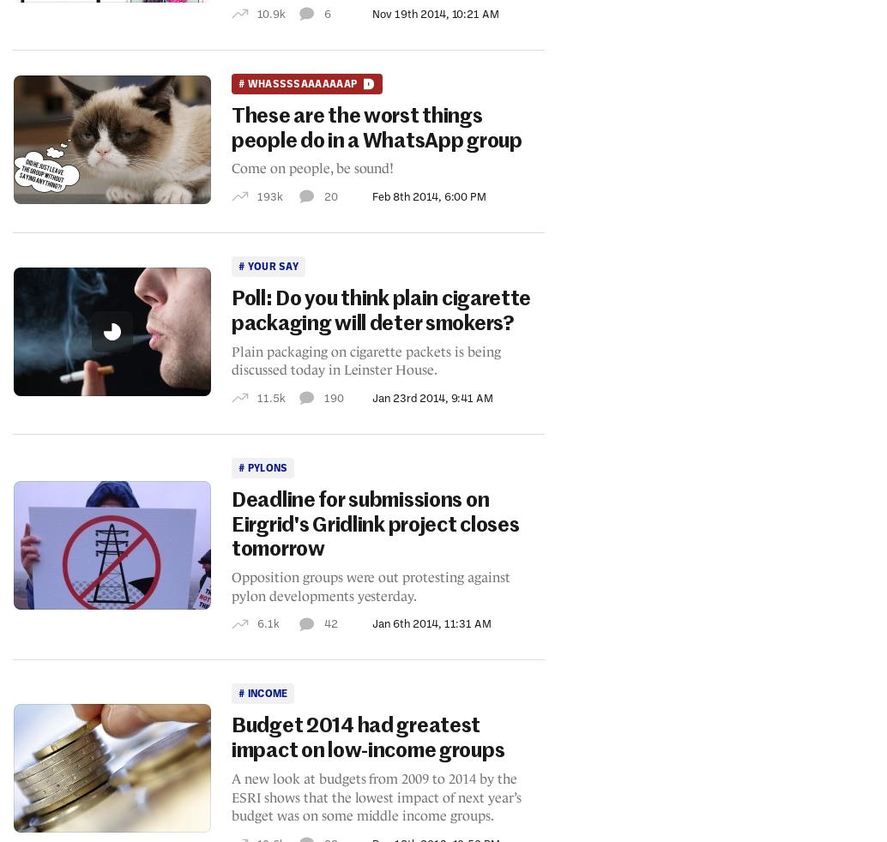 The width and height of the screenshot is (887, 842). What do you see at coordinates (329, 622) in the screenshot?
I see `'42'` at bounding box center [329, 622].